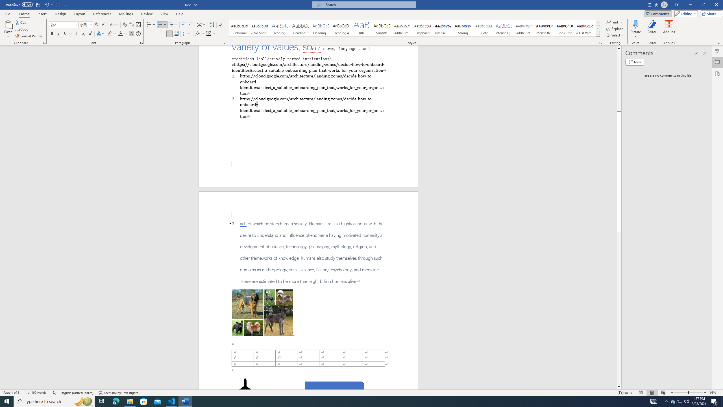  Describe the element at coordinates (199, 33) in the screenshot. I see `'Shading'` at that location.